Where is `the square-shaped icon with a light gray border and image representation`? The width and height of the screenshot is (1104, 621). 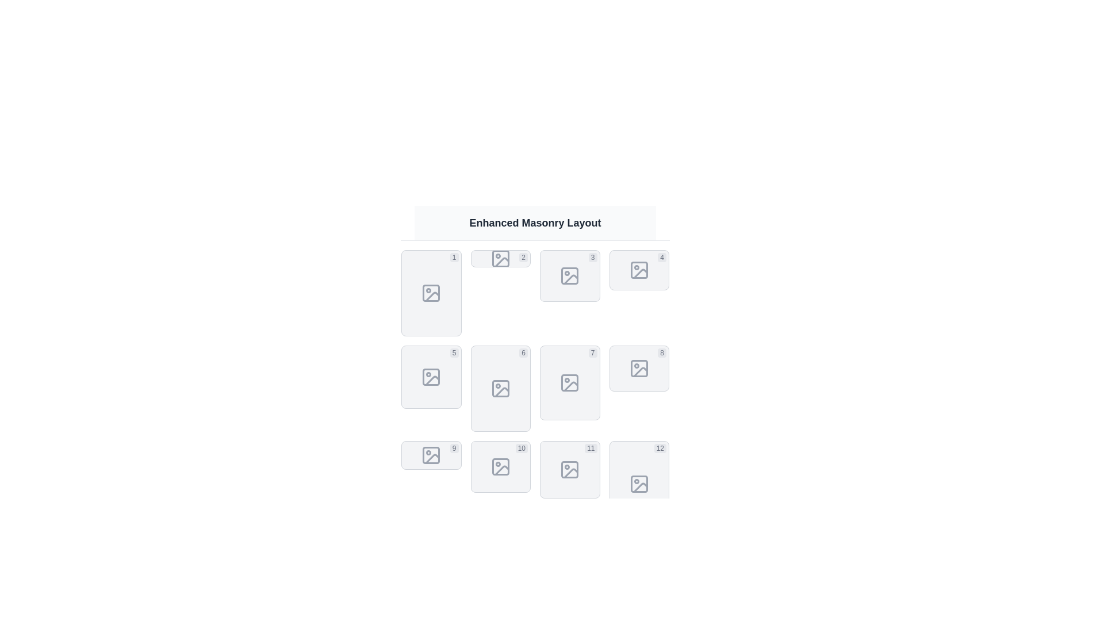 the square-shaped icon with a light gray border and image representation is located at coordinates (638, 368).